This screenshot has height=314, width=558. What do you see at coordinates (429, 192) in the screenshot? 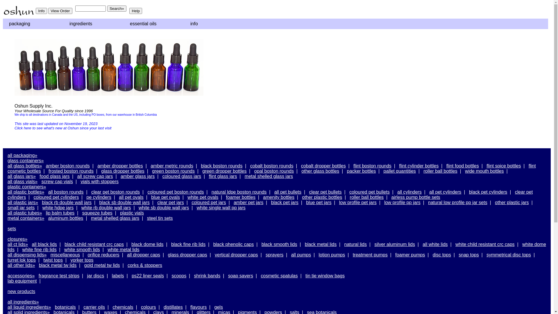
I see `'all pet cylinders'` at bounding box center [429, 192].